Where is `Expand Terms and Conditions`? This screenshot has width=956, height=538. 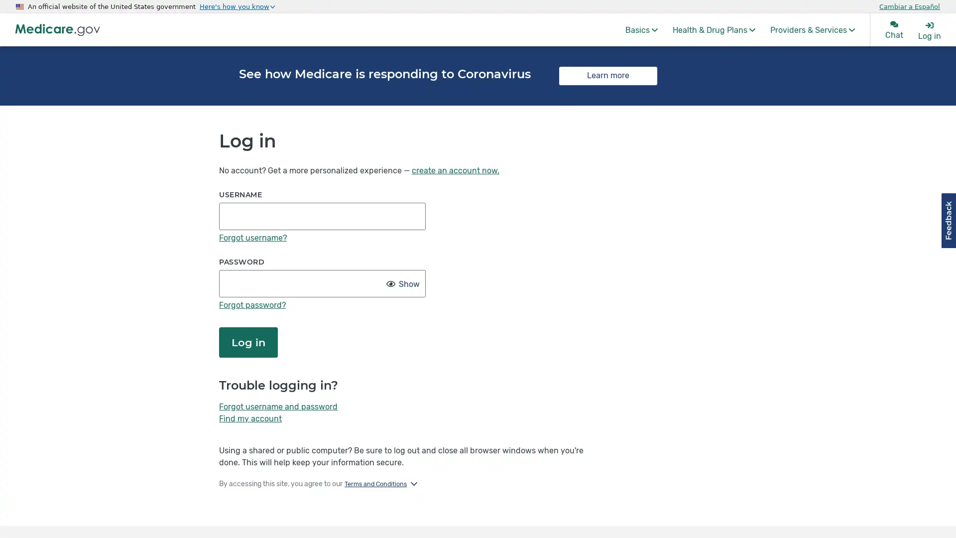 Expand Terms and Conditions is located at coordinates (380, 484).